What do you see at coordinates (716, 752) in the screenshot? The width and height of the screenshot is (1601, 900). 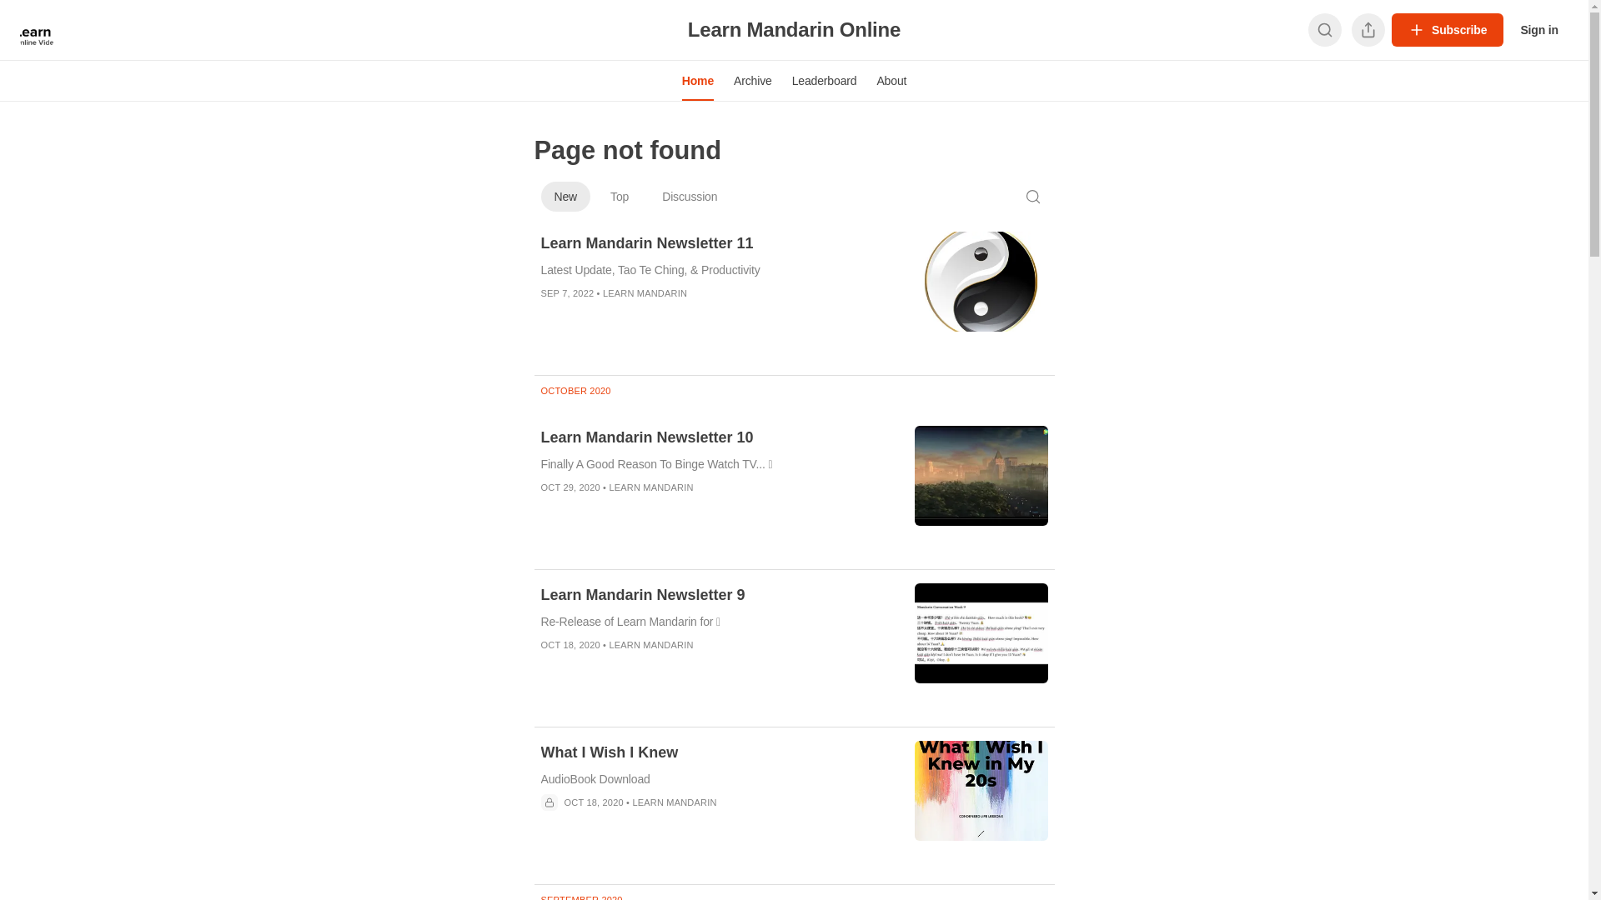 I see `'What I Wish I Knew'` at bounding box center [716, 752].